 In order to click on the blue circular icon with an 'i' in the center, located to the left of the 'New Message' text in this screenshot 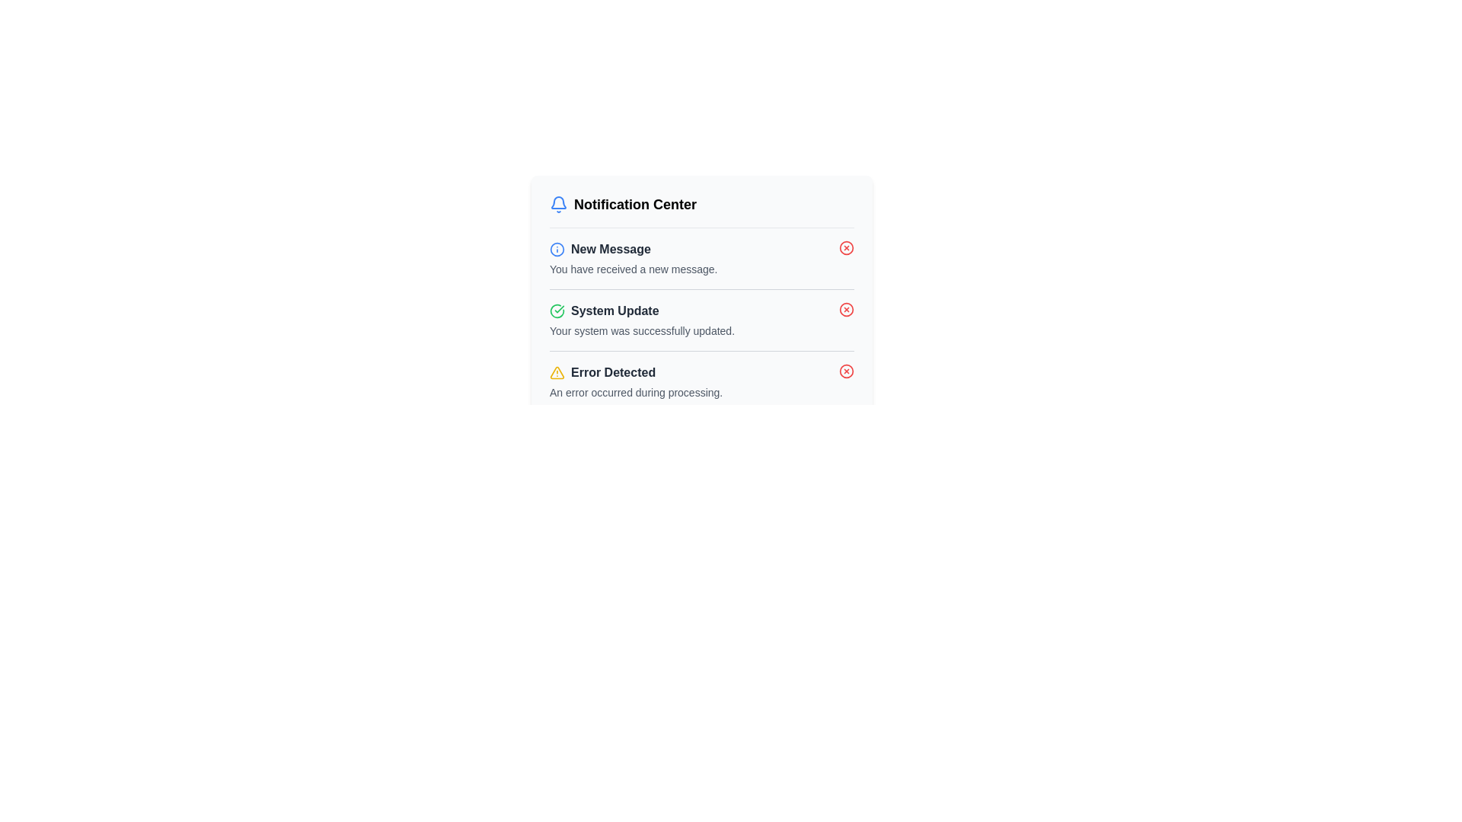, I will do `click(556, 248)`.